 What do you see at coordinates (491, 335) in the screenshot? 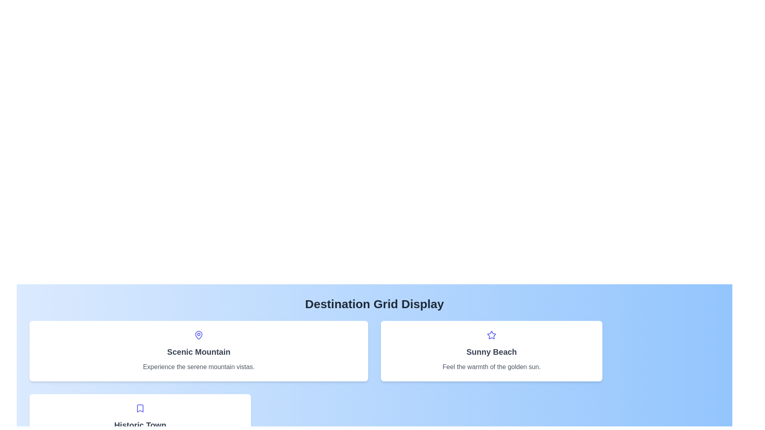
I see `the star icon with an indigo blue outline located centrally within the 'Sunny Beach' section, which focuses on the tagline 'Feel the warmth of the golden sun.'` at bounding box center [491, 335].